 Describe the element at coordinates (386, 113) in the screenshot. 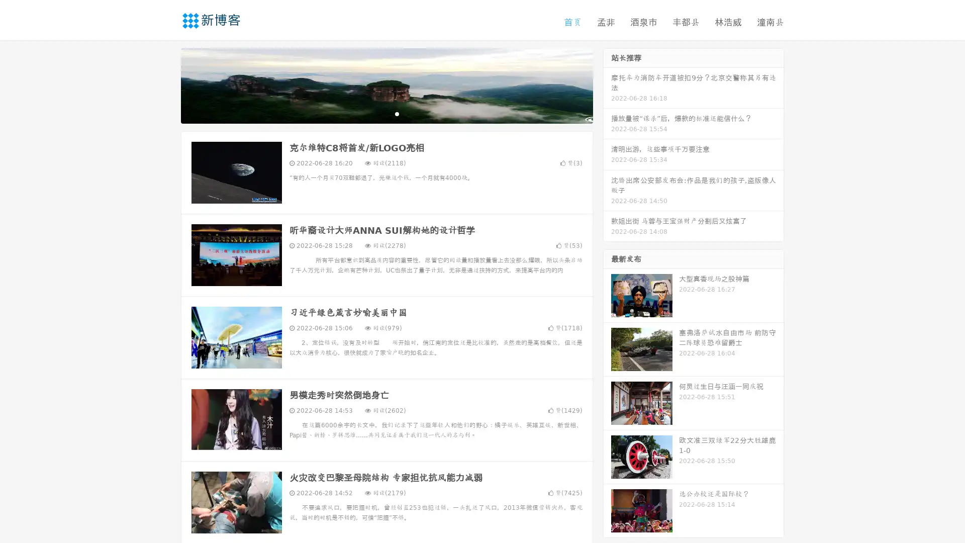

I see `Go to slide 2` at that location.